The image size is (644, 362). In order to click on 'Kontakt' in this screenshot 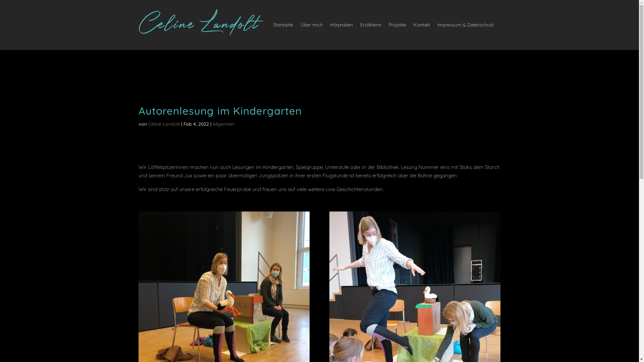, I will do `click(413, 24)`.